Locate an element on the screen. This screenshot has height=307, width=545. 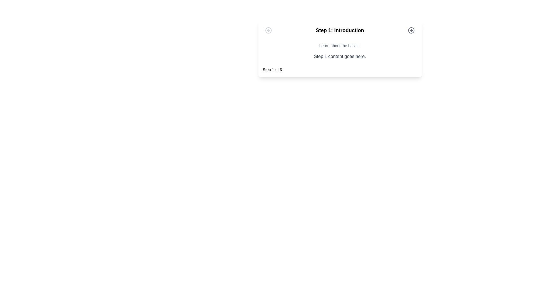
the circular navigational button located in the top-right corner of the rectangular card is located at coordinates (411, 30).